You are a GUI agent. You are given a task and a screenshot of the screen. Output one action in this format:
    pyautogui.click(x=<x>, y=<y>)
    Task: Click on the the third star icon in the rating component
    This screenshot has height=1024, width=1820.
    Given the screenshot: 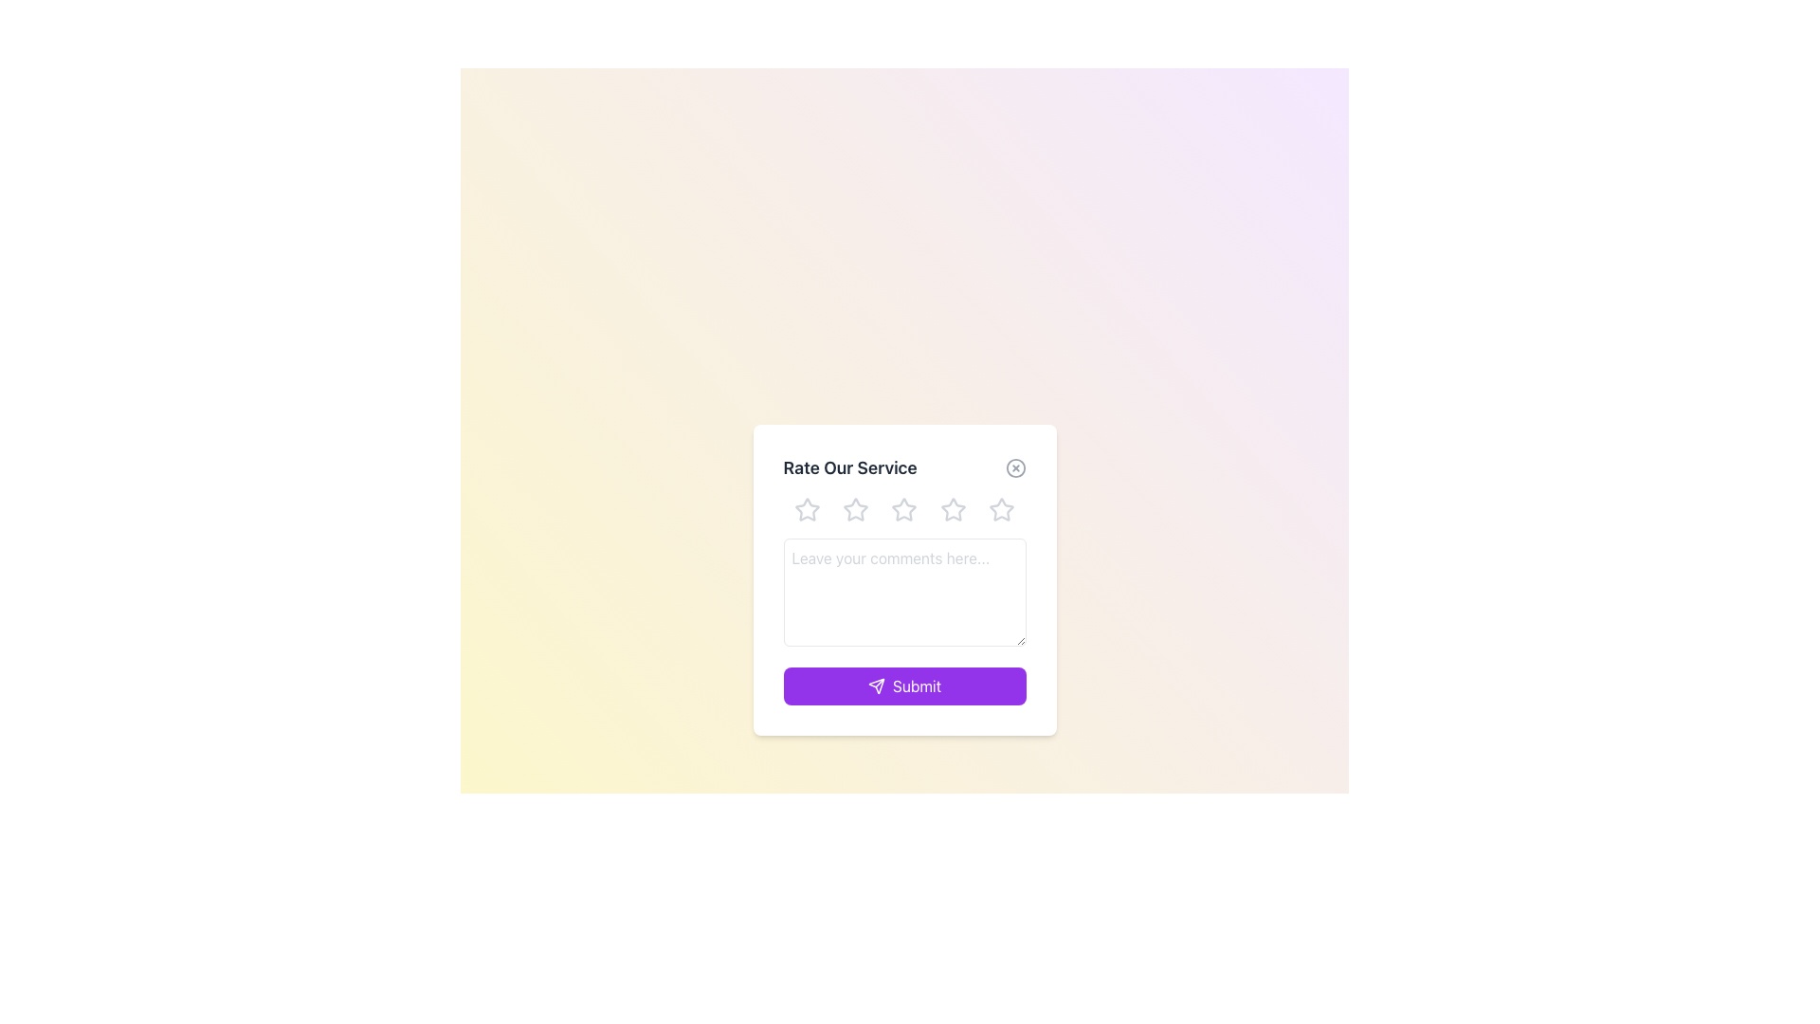 What is the action you would take?
    pyautogui.click(x=903, y=508)
    